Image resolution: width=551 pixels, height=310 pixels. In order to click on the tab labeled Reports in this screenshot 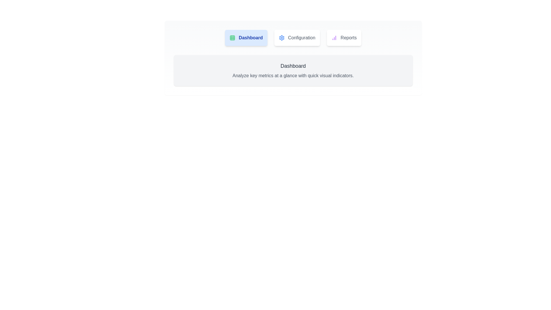, I will do `click(344, 38)`.